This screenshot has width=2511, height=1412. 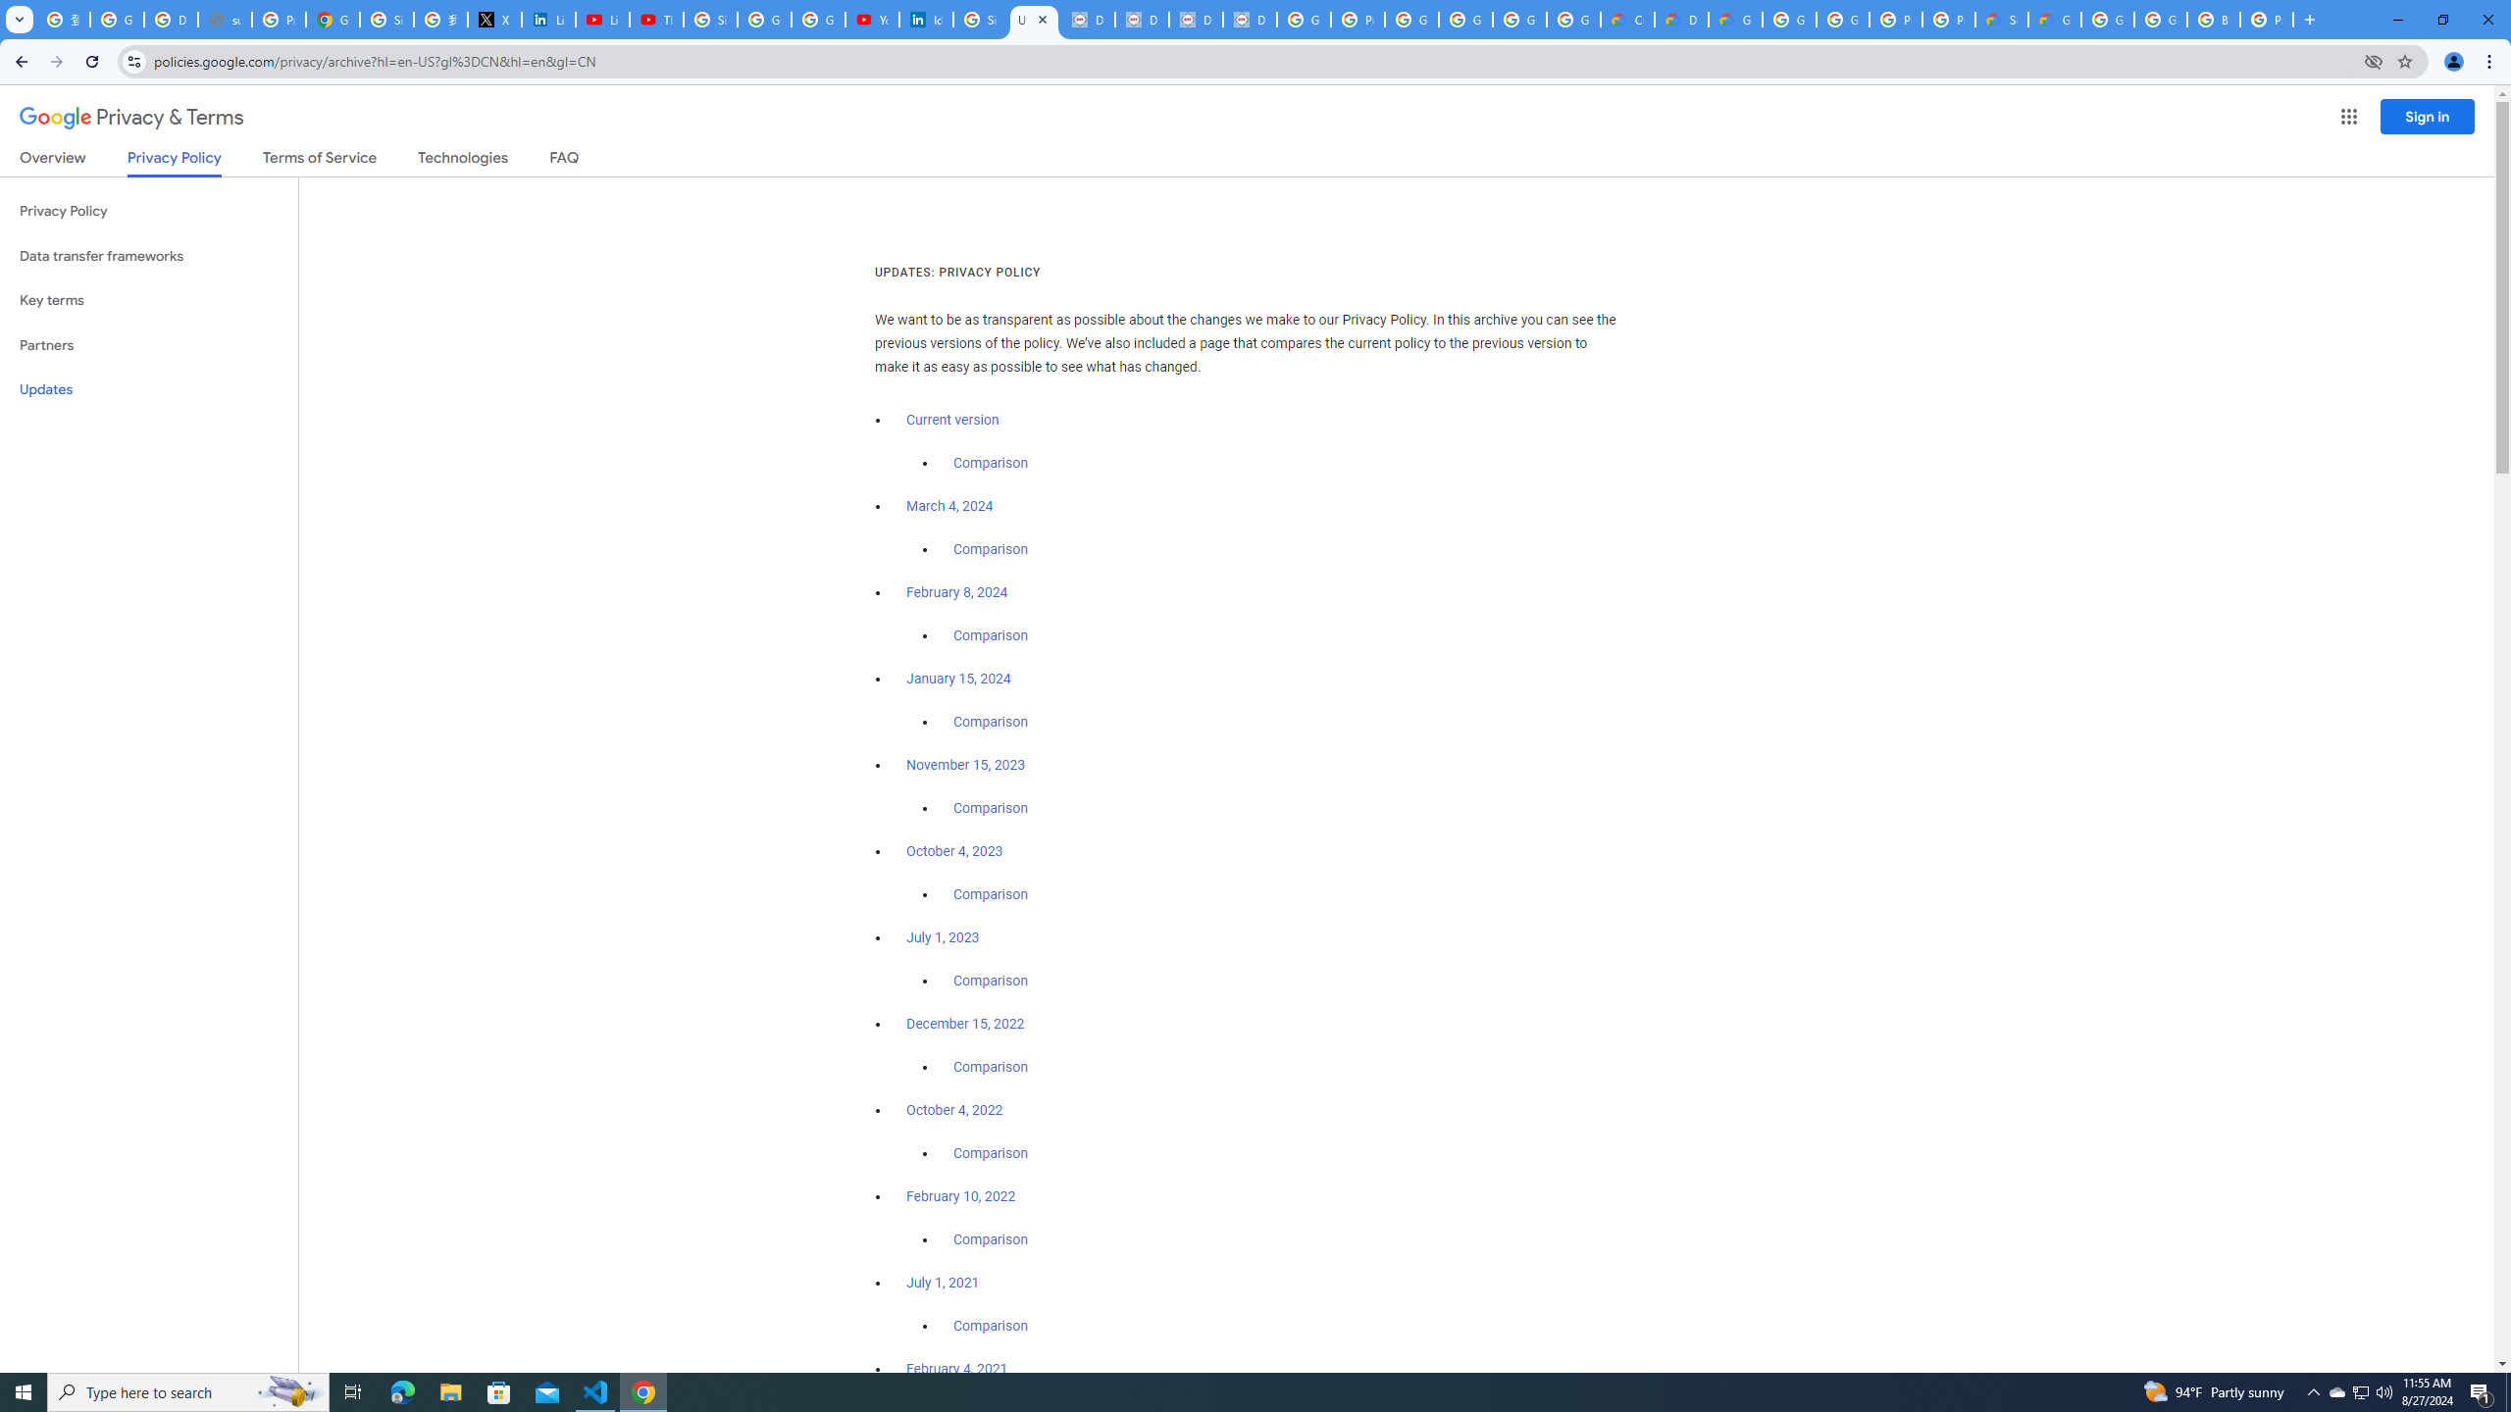 I want to click on 'Technologies', so click(x=463, y=161).